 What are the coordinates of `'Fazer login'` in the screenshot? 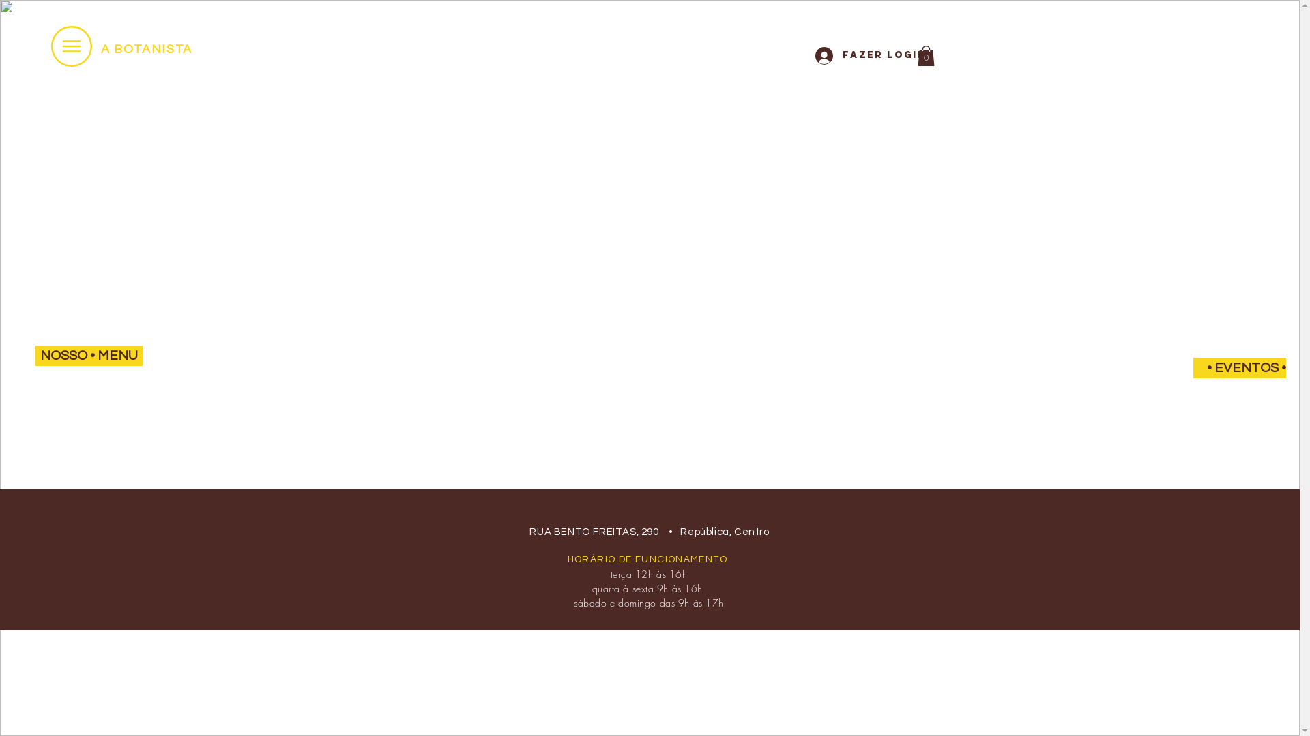 It's located at (857, 55).